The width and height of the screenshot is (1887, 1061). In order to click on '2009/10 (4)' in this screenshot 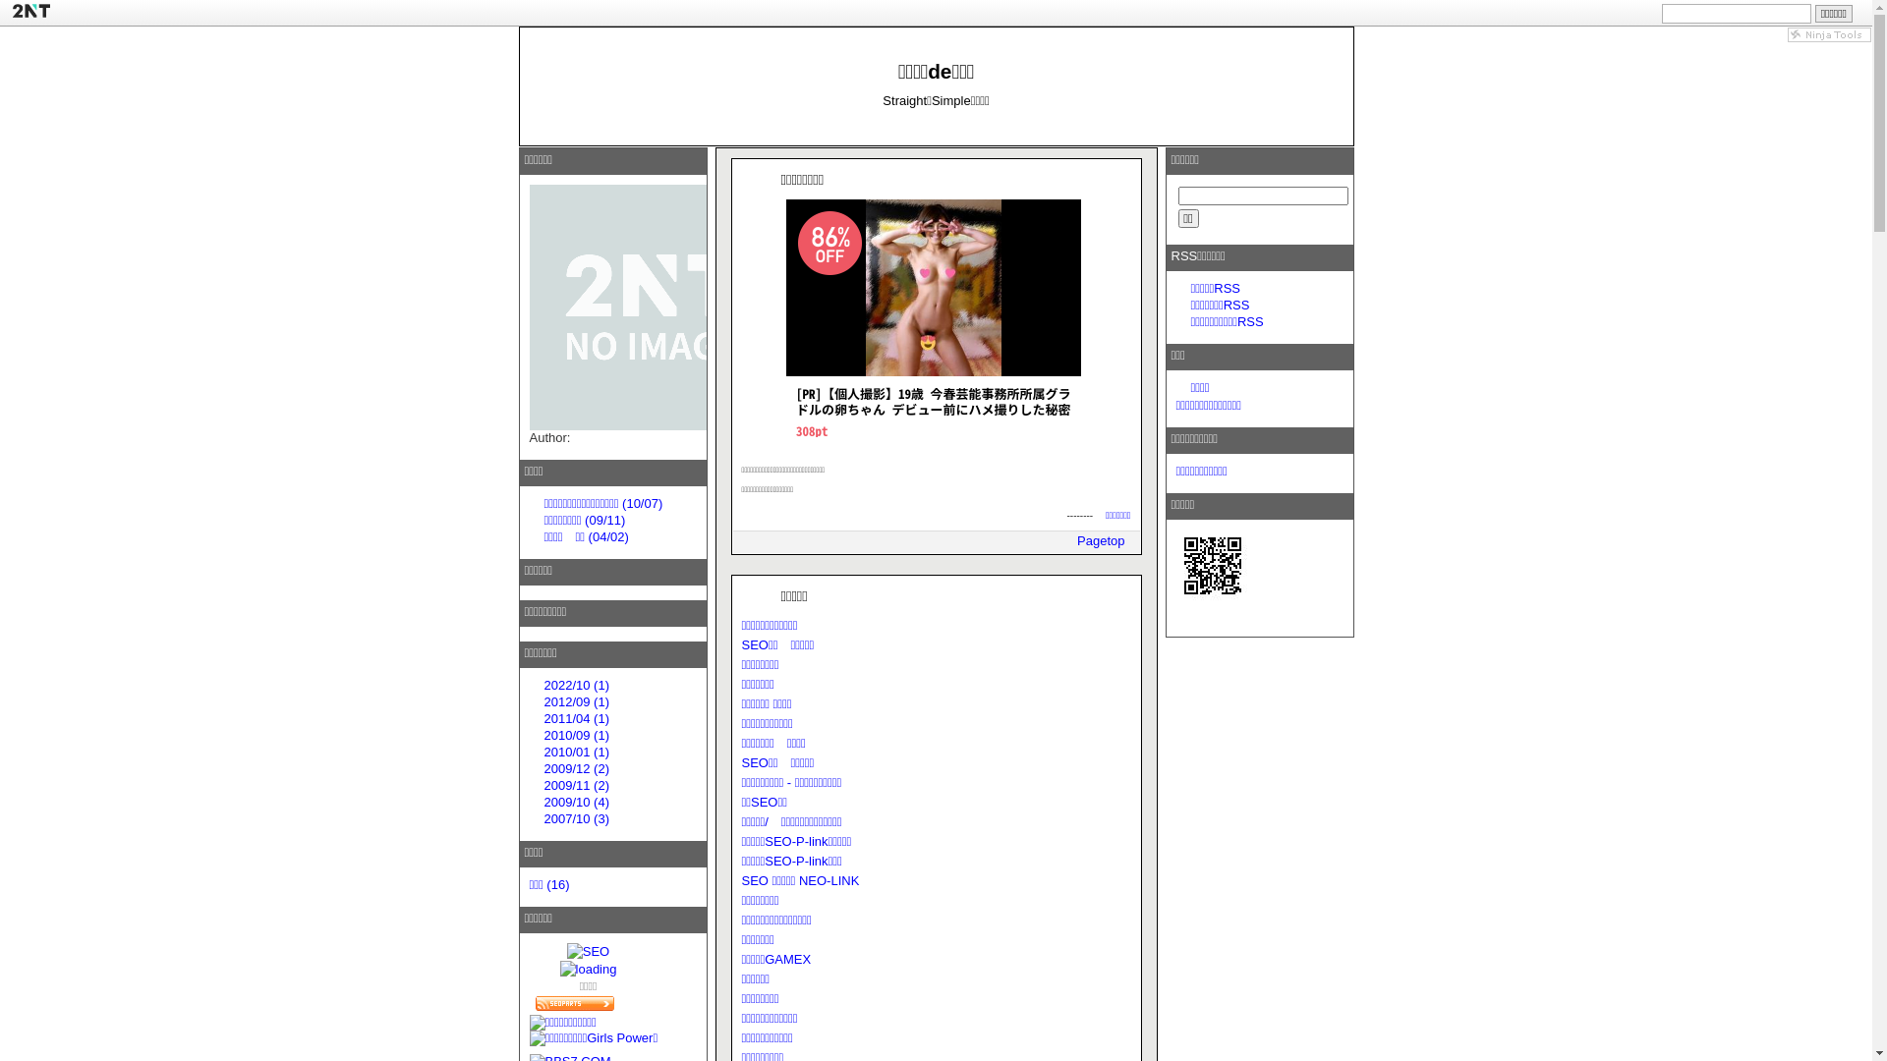, I will do `click(576, 802)`.